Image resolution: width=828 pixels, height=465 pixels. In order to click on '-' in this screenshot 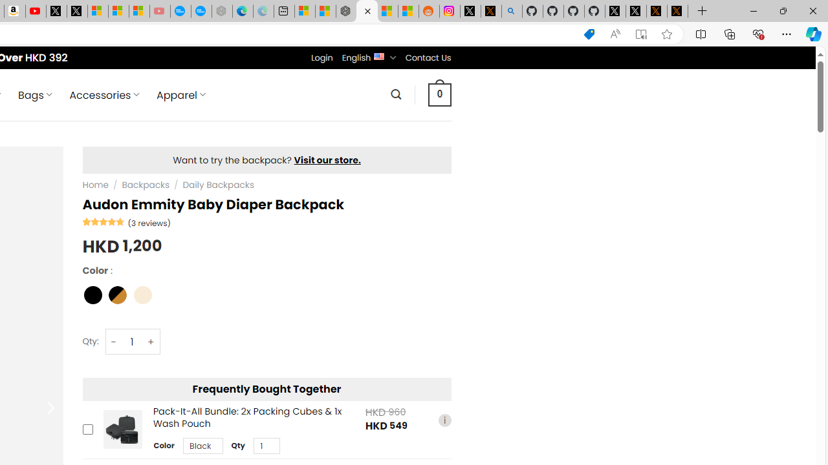, I will do `click(114, 341)`.